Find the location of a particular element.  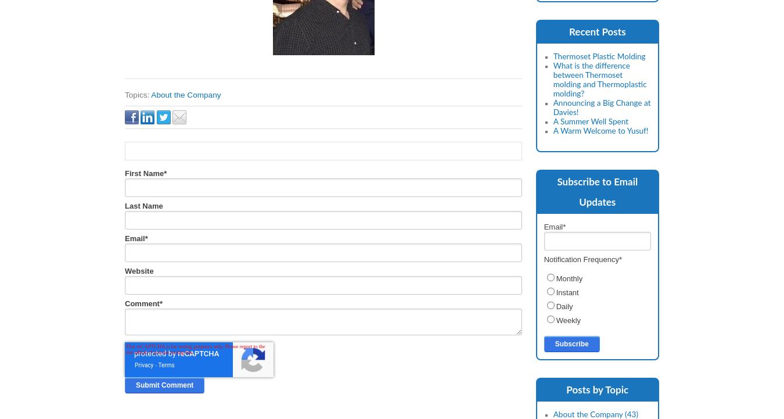

'Daily' is located at coordinates (563, 306).